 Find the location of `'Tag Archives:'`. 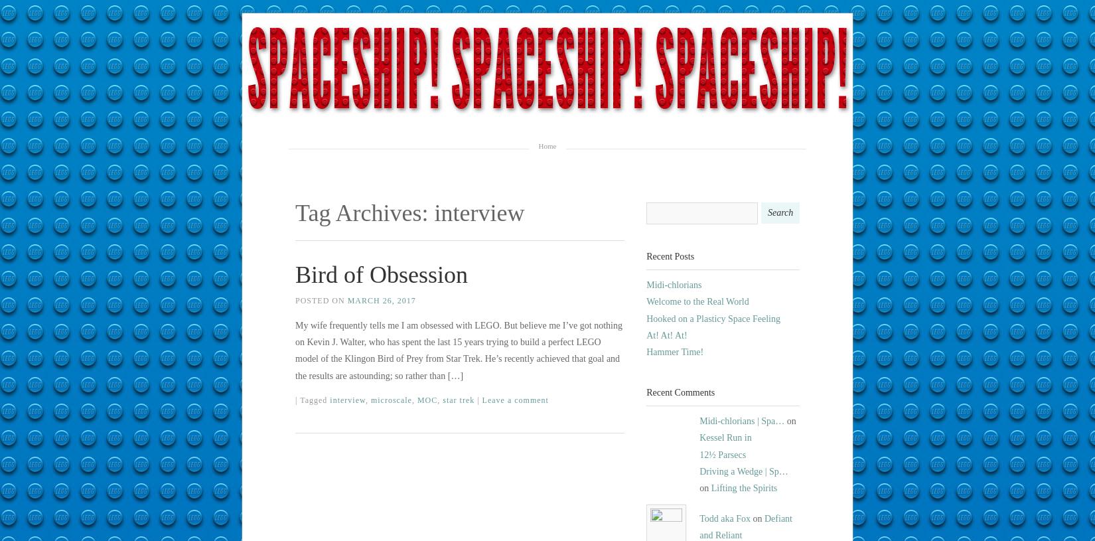

'Tag Archives:' is located at coordinates (295, 212).